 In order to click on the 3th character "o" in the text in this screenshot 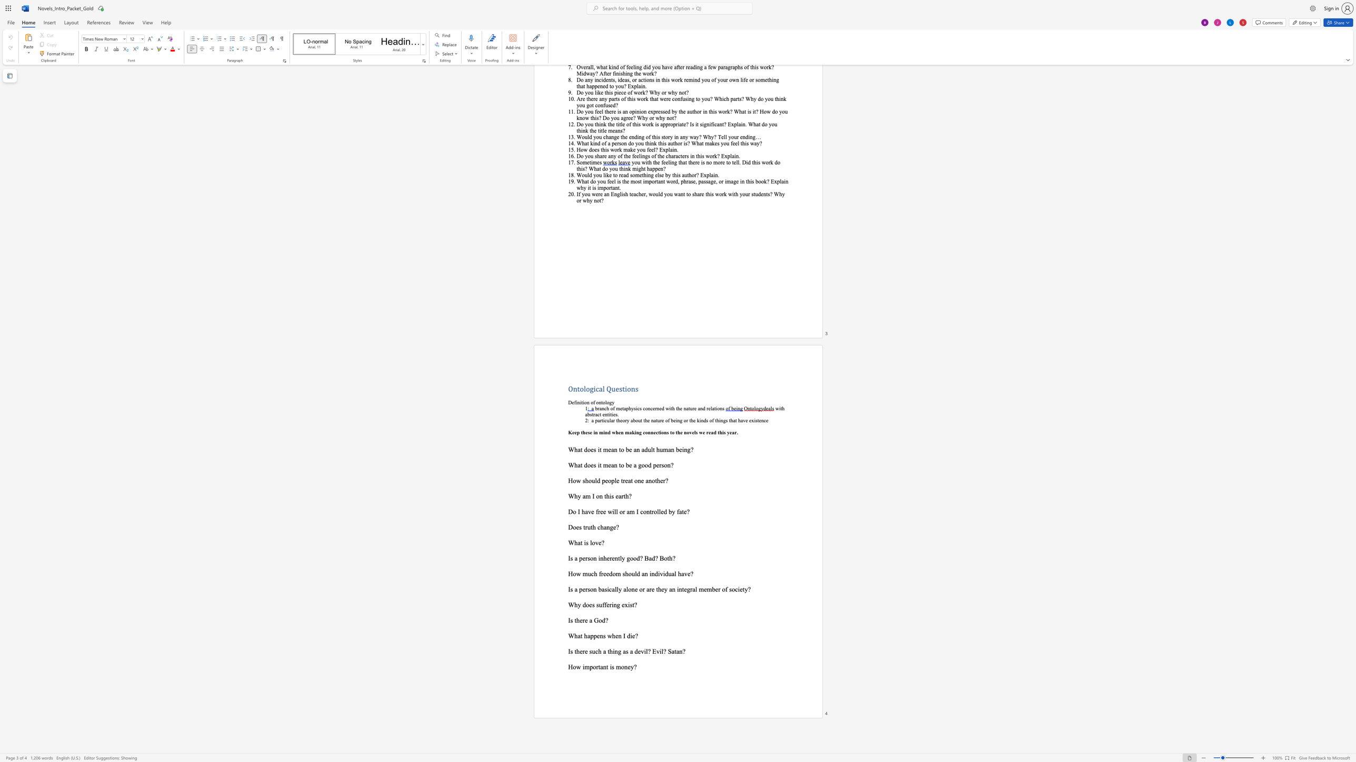, I will do `click(623, 667)`.